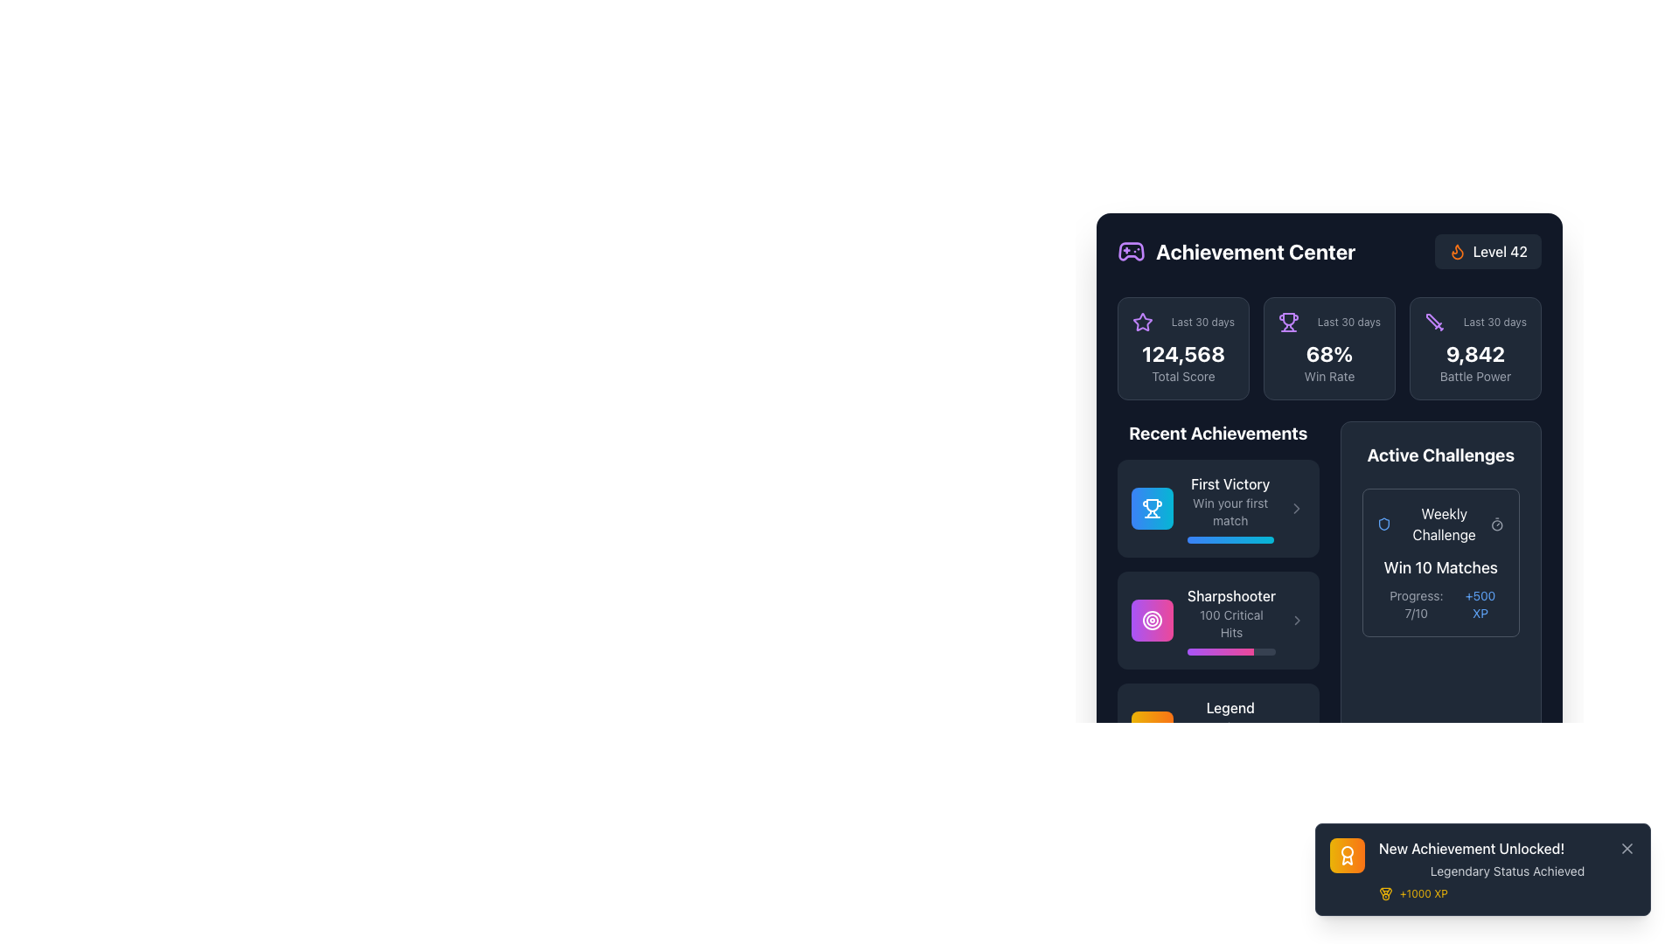  What do you see at coordinates (1329, 376) in the screenshot?
I see `the Text label that clarifies the '68%' figure as the Win Rate statistic, positioned directly below the '68%' text in the top-right section of the interface` at bounding box center [1329, 376].